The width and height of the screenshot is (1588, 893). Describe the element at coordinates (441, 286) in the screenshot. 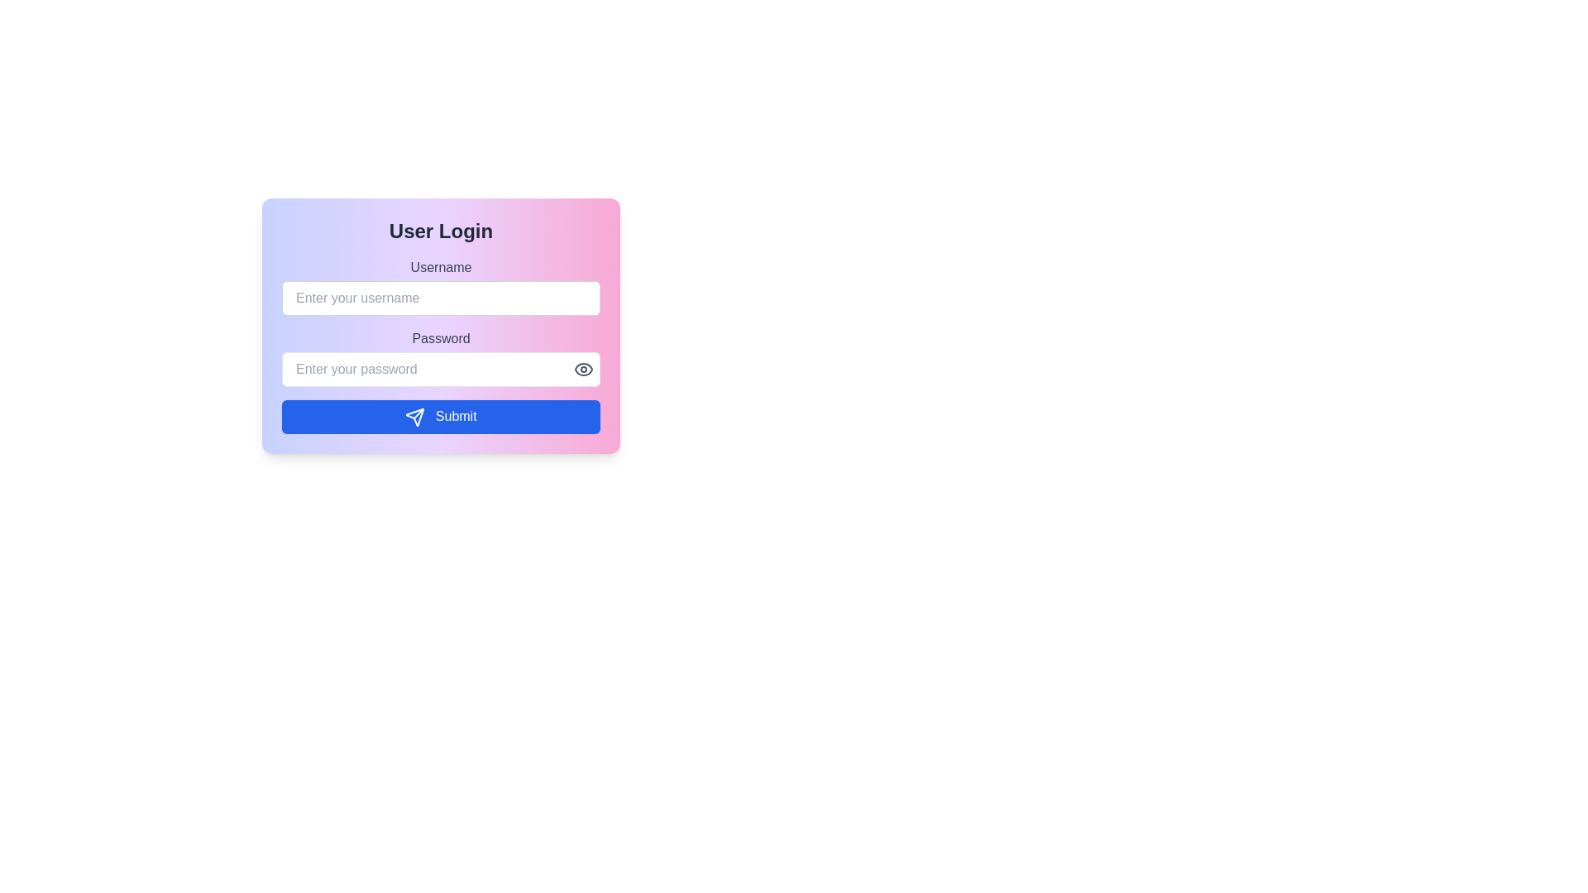

I see `the 'Username' text input field, which is the first input field in a vertical form layout with a white background and gray border, positioned below the 'Username' label` at that location.